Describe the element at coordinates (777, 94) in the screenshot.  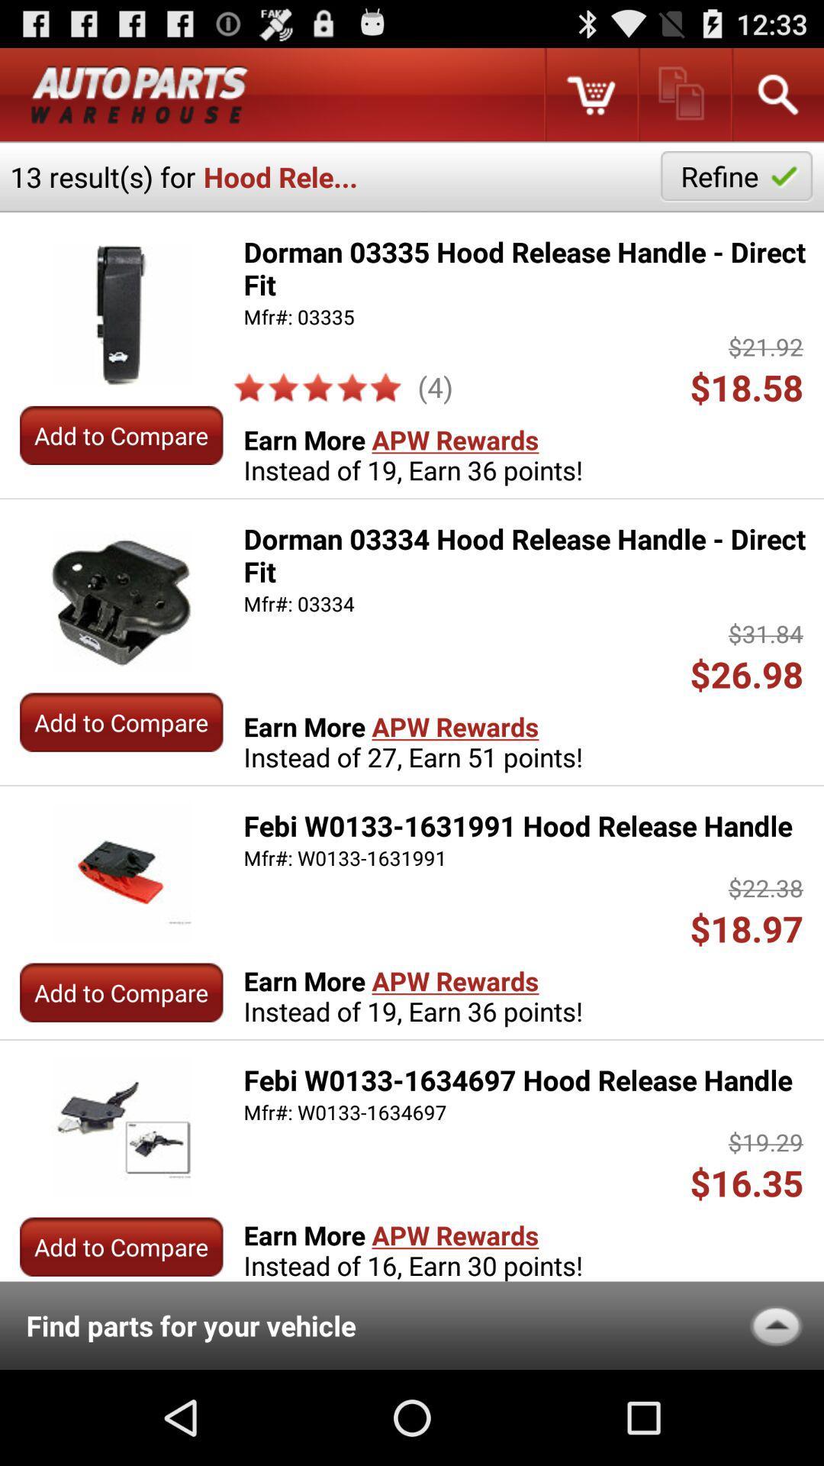
I see `search criteria` at that location.